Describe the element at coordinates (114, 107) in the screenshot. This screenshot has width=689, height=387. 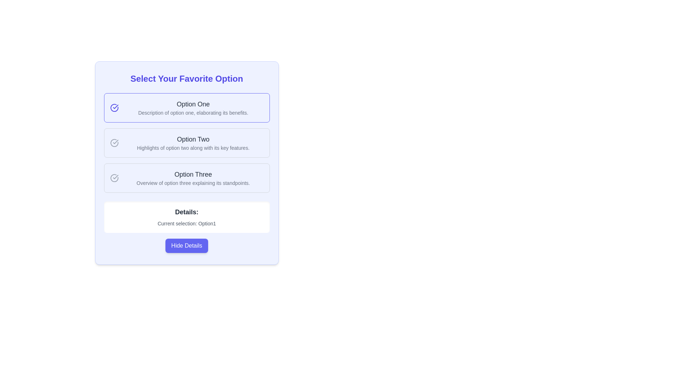
I see `the selection status indicator icon next to 'Option One'` at that location.